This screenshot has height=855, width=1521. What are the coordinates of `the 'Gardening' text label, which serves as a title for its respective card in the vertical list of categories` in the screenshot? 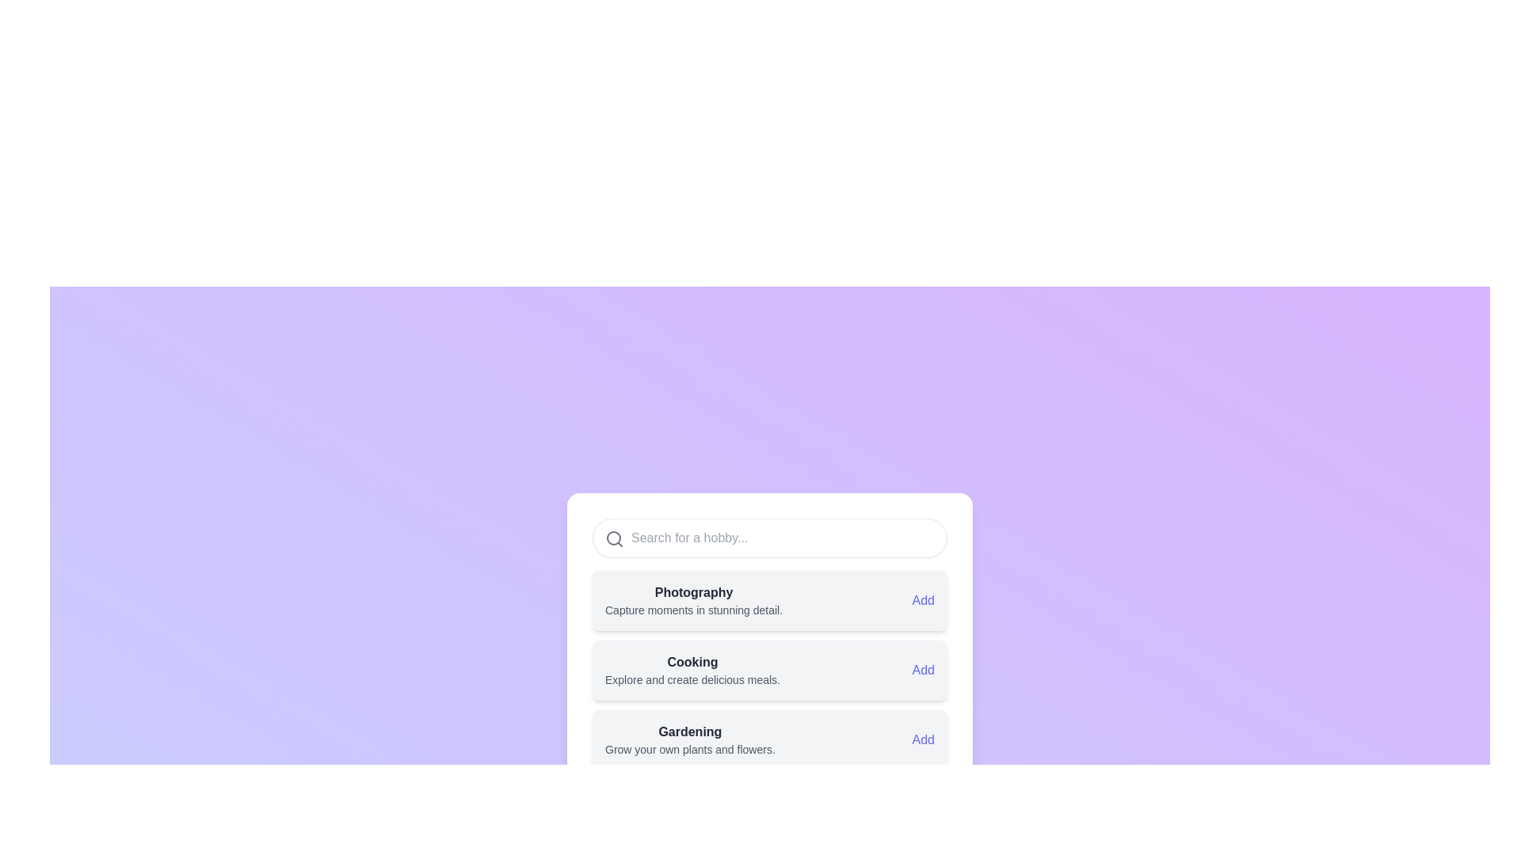 It's located at (690, 732).